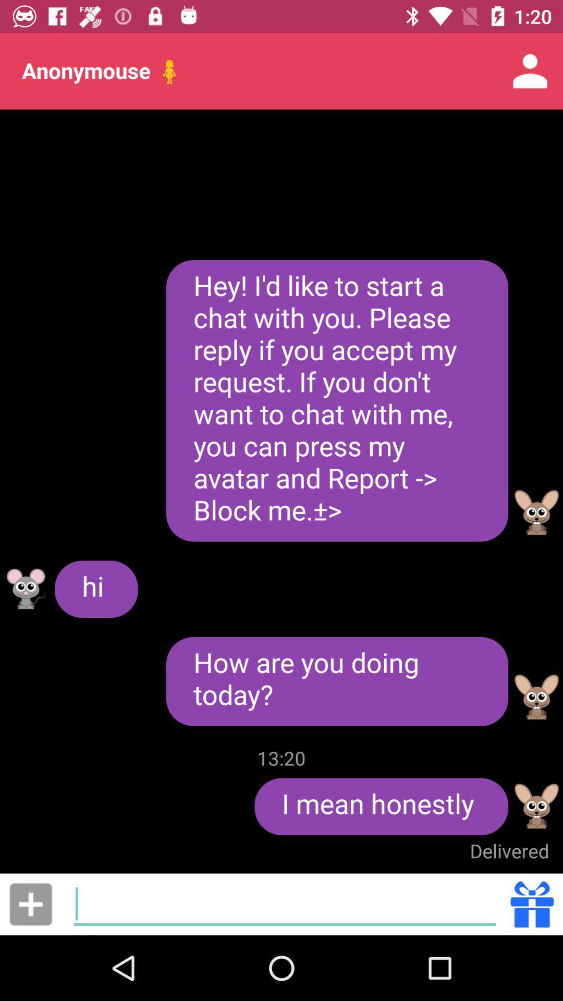 The width and height of the screenshot is (563, 1001). I want to click on send a gift, so click(532, 904).